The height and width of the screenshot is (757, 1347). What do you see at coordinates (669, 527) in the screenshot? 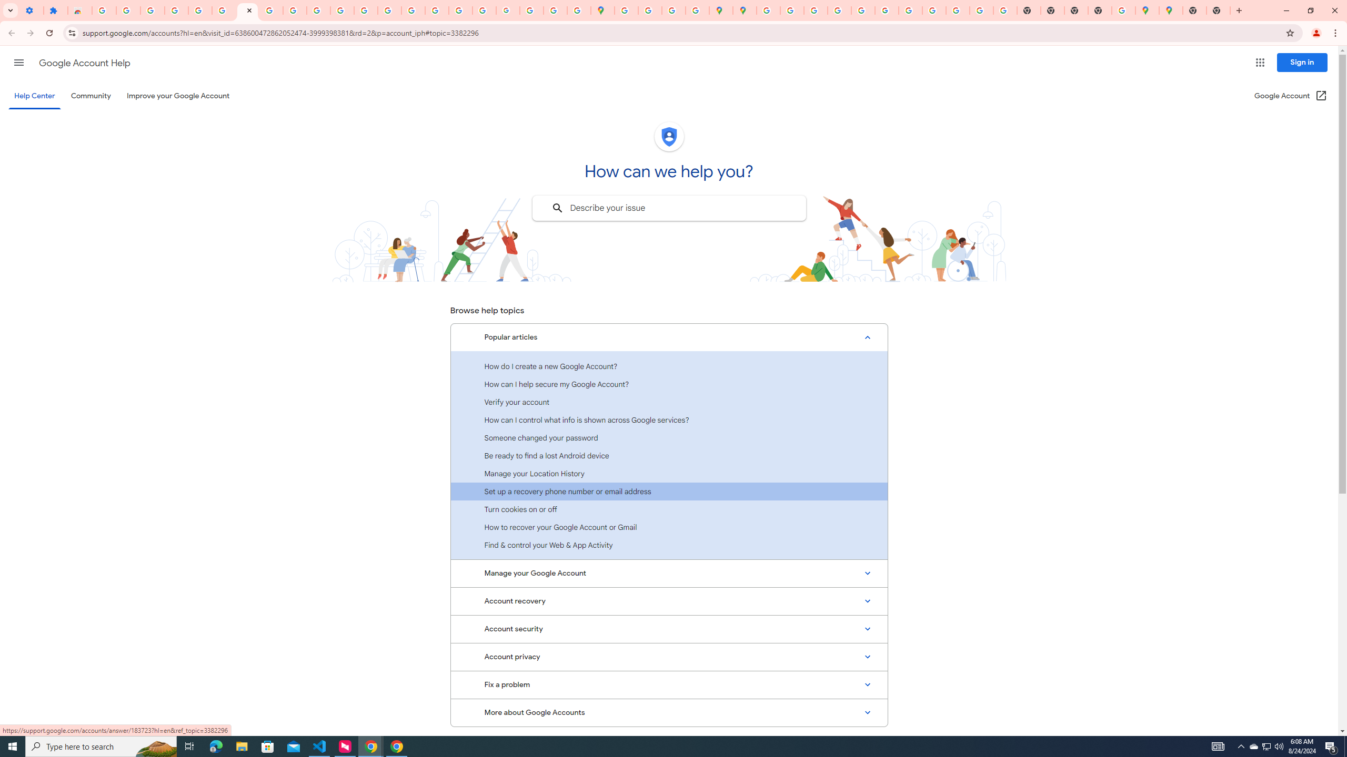
I see `'How to recover your Google Account or Gmail'` at bounding box center [669, 527].